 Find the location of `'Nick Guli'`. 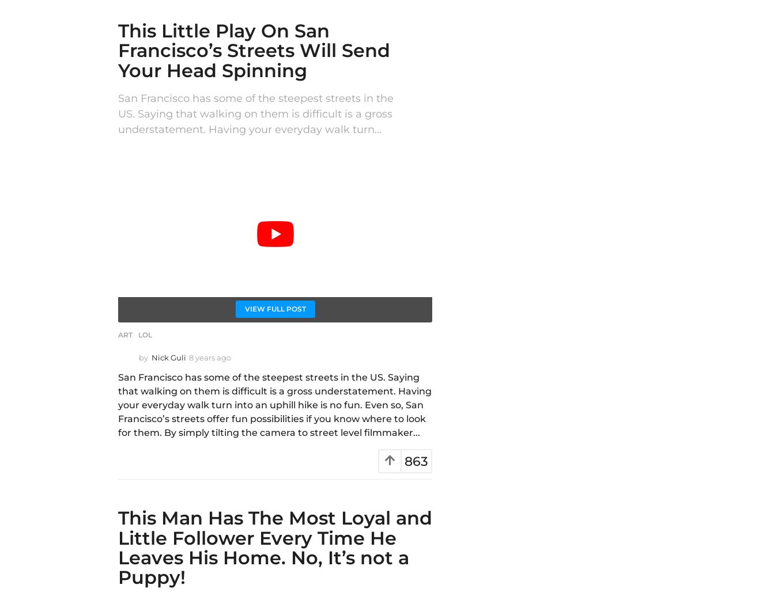

'Nick Guli' is located at coordinates (168, 358).